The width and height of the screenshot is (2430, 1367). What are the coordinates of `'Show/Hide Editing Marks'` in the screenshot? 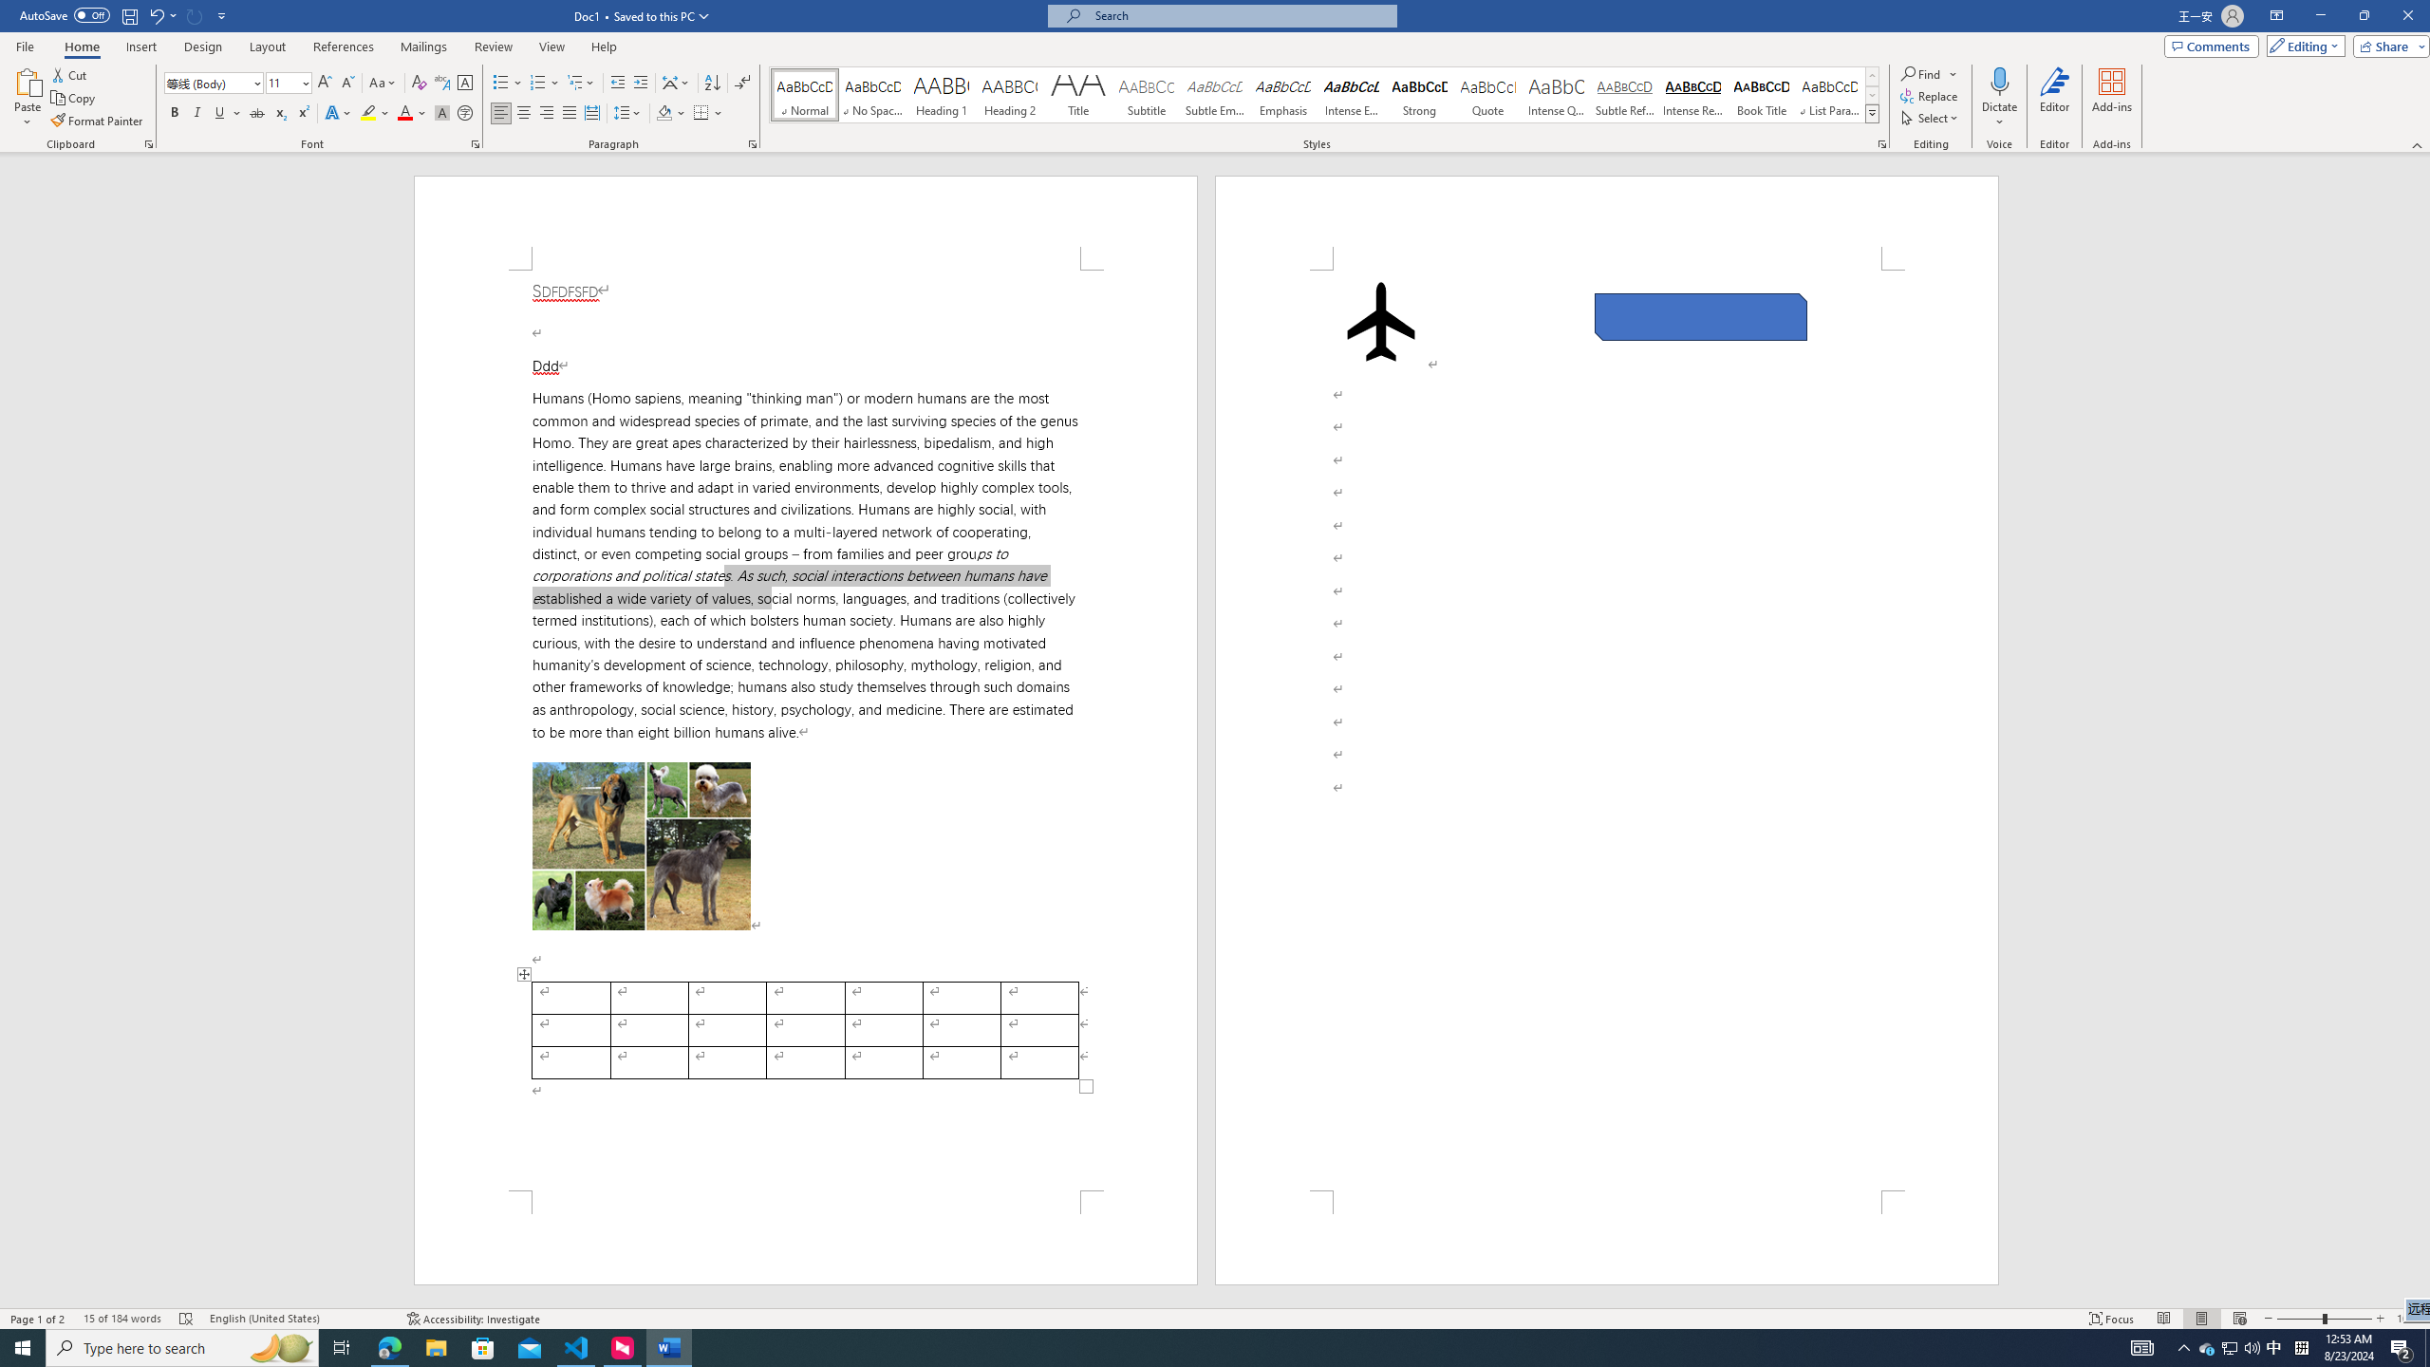 It's located at (742, 83).